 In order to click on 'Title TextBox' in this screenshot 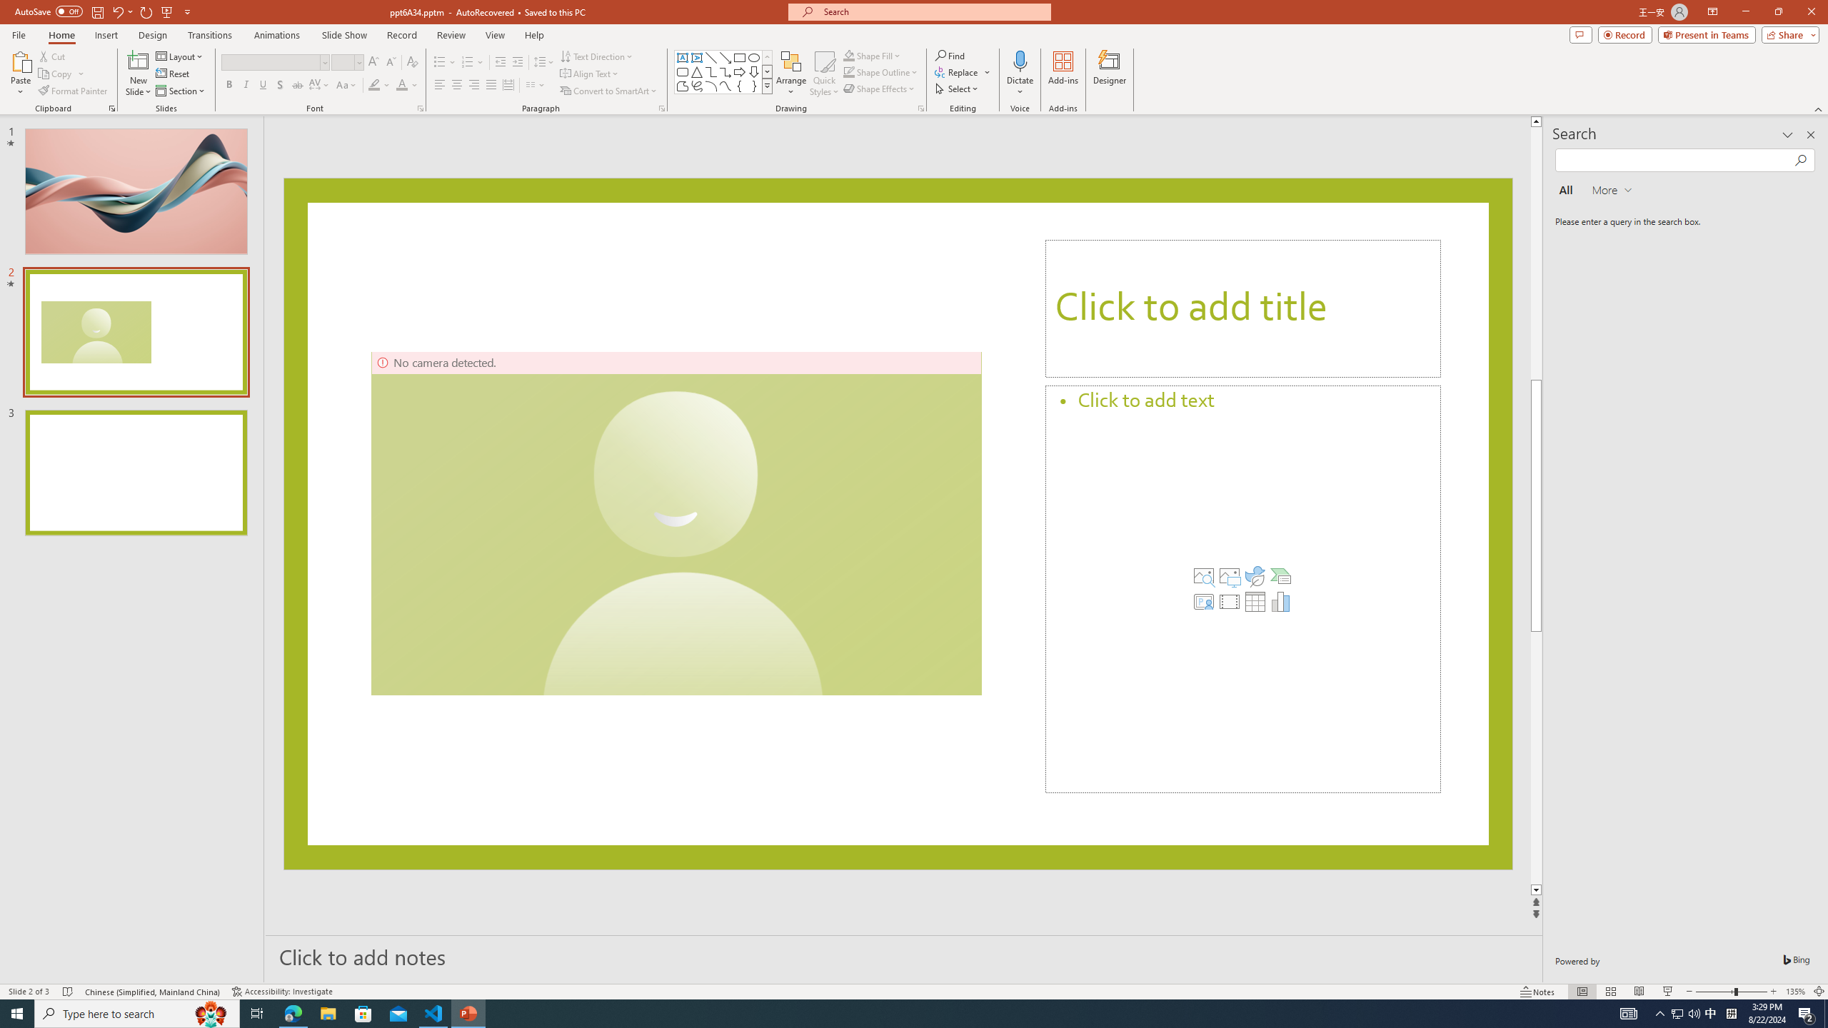, I will do `click(1242, 308)`.